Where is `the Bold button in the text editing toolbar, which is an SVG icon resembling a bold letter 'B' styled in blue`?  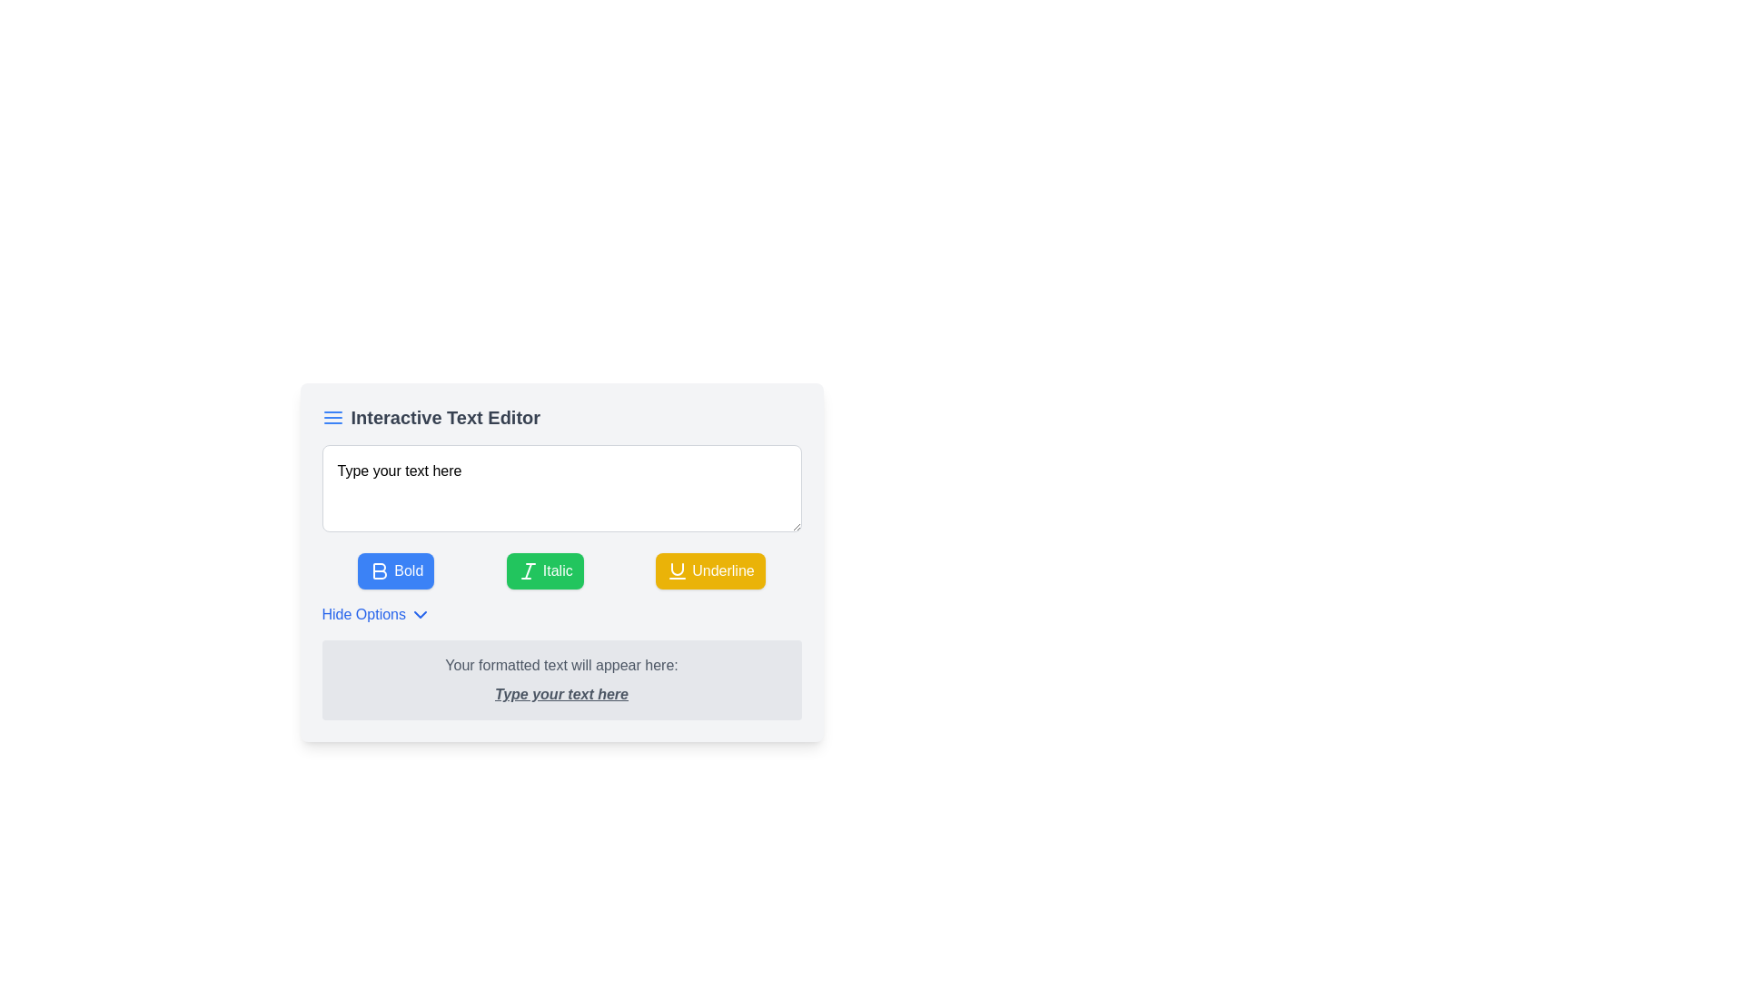
the Bold button in the text editing toolbar, which is an SVG icon resembling a bold letter 'B' styled in blue is located at coordinates (379, 570).